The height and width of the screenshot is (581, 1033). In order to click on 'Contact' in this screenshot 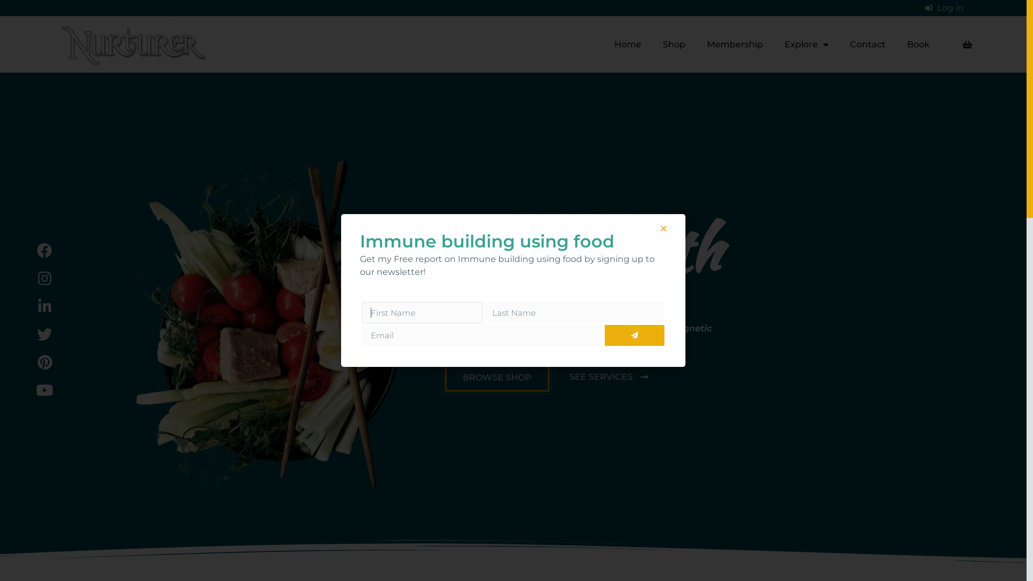, I will do `click(867, 44)`.